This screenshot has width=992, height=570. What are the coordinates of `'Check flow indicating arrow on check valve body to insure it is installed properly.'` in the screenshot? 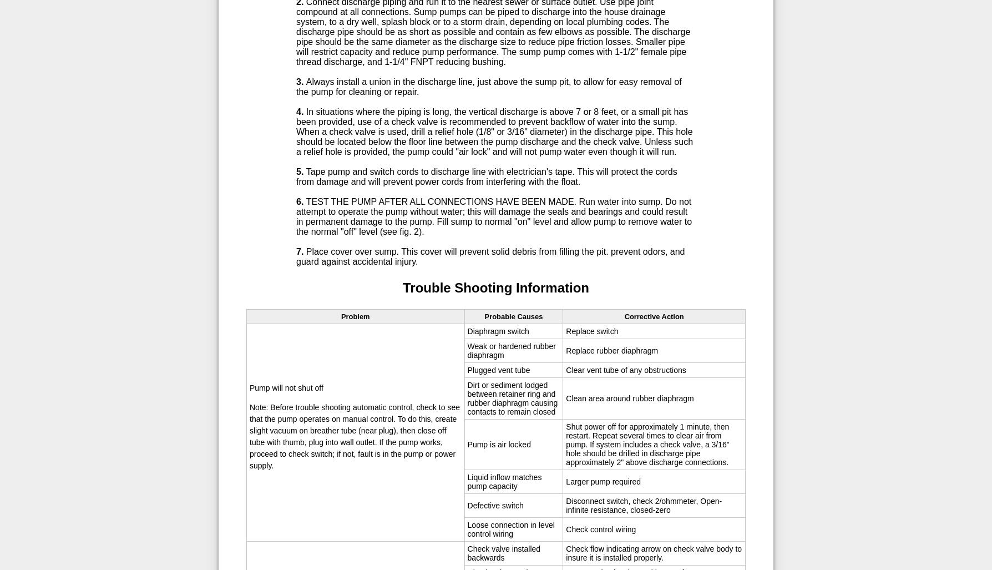 It's located at (653, 552).